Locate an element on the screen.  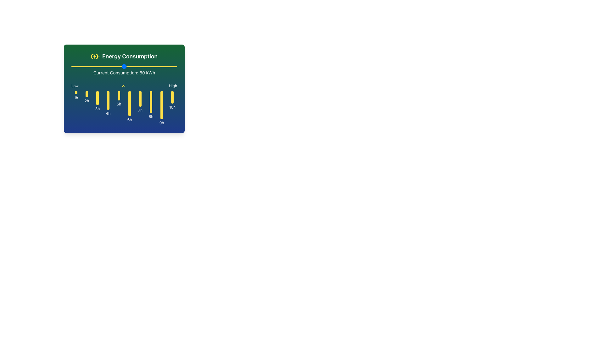
the text label displaying '7h', which is positioned under the seventh yellow bar in a blue background area, specifically between the '6h' and '8h' labels is located at coordinates (140, 110).